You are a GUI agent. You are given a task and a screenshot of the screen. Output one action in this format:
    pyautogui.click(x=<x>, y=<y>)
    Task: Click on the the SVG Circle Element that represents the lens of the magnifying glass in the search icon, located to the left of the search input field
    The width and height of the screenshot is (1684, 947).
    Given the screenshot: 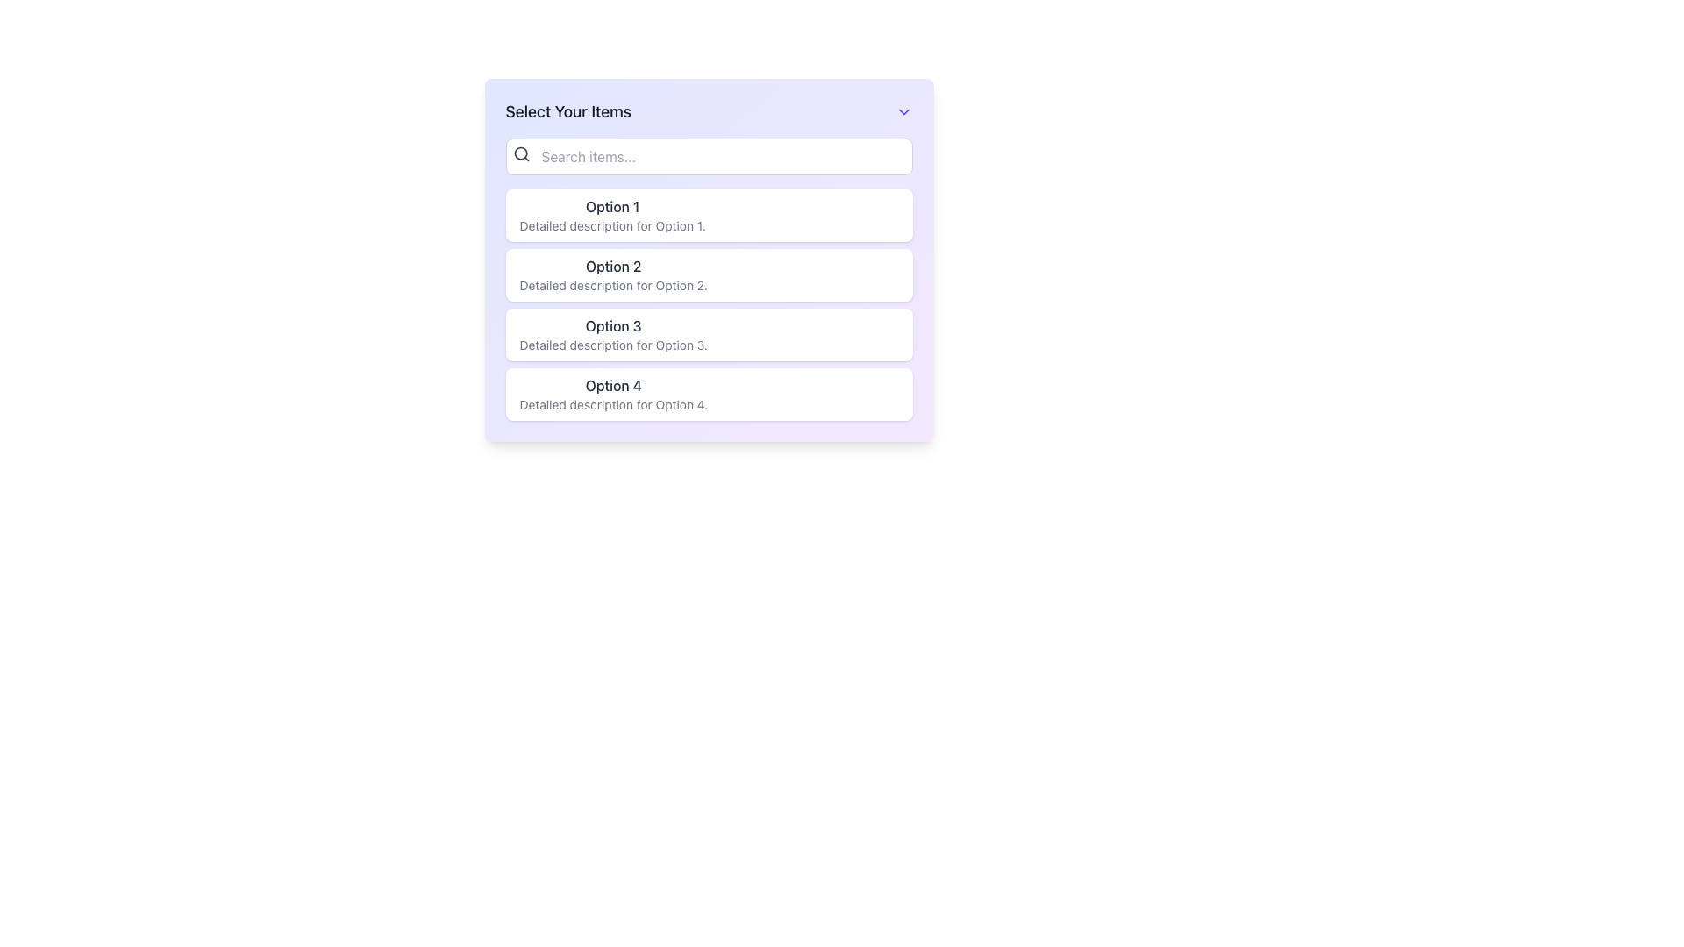 What is the action you would take?
    pyautogui.click(x=519, y=153)
    